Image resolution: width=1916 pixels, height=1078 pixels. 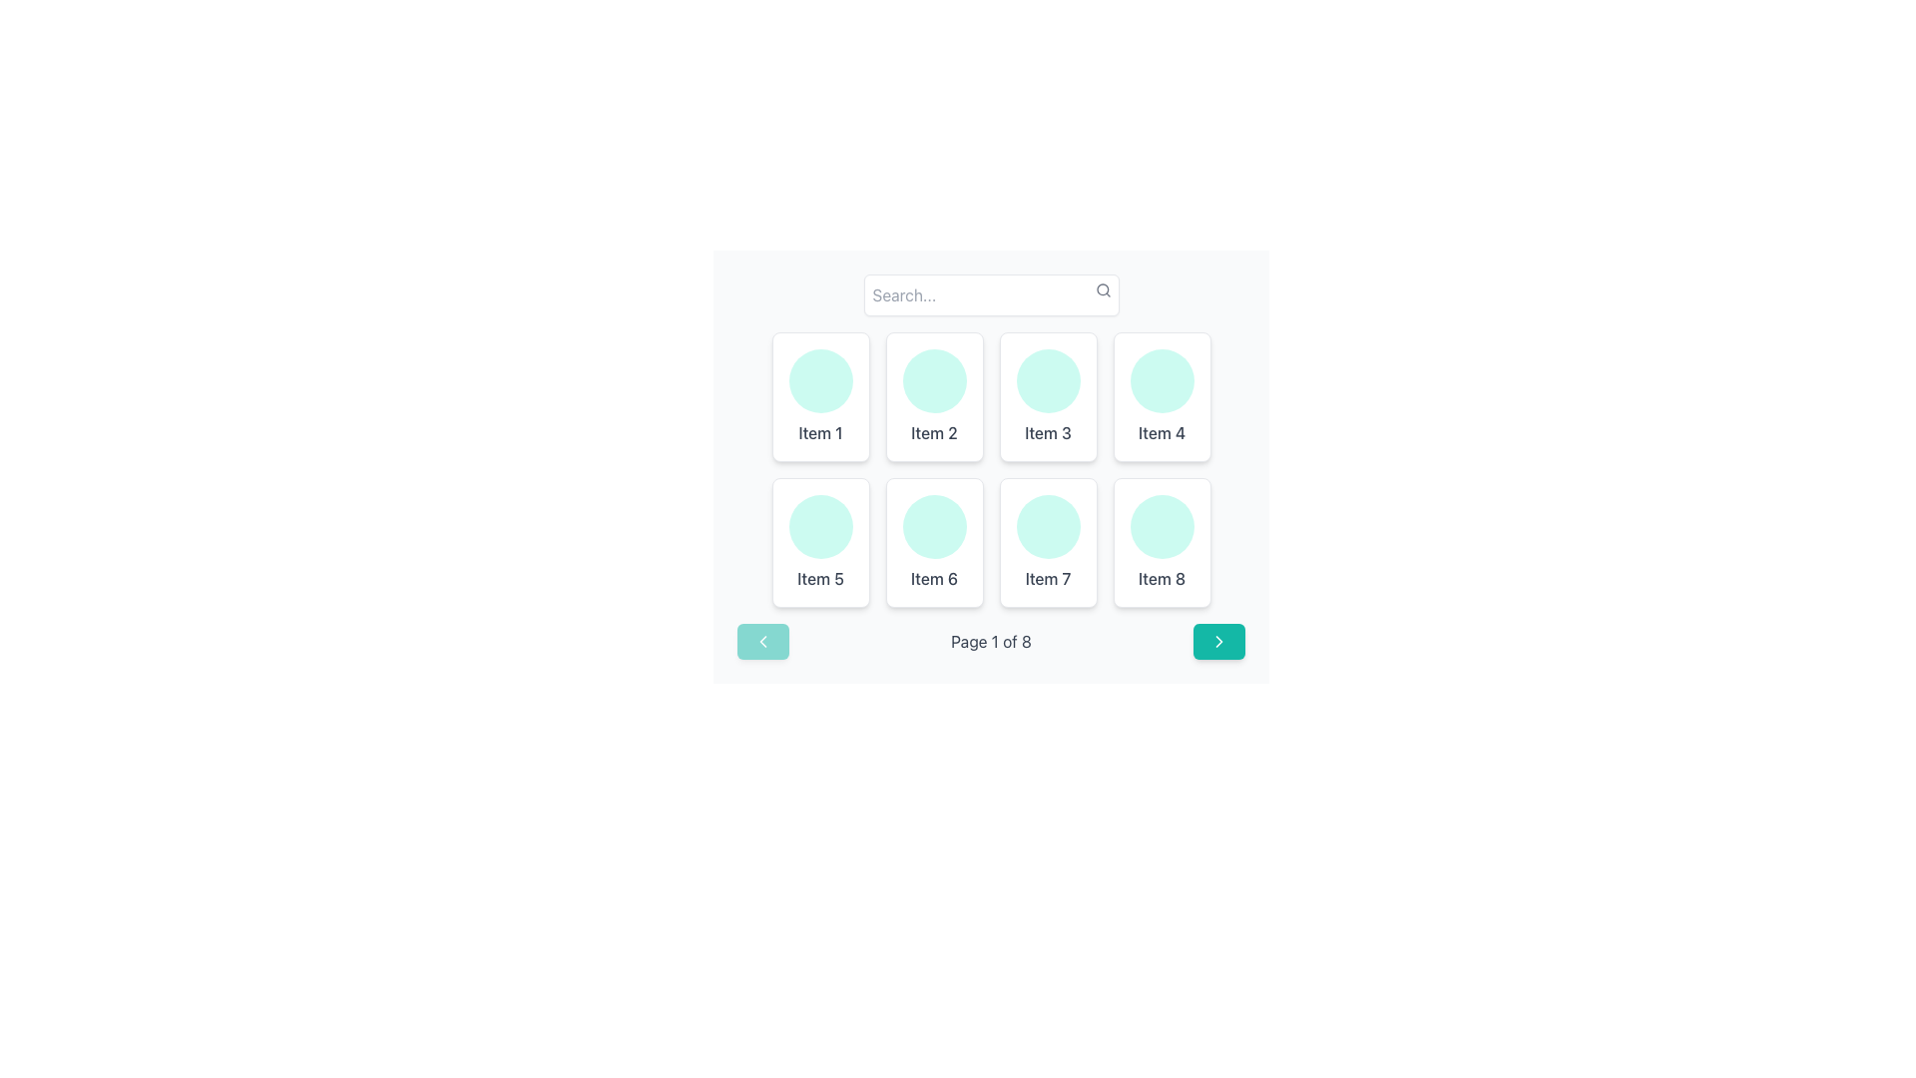 What do you see at coordinates (1047, 396) in the screenshot?
I see `the third card in the grid layout` at bounding box center [1047, 396].